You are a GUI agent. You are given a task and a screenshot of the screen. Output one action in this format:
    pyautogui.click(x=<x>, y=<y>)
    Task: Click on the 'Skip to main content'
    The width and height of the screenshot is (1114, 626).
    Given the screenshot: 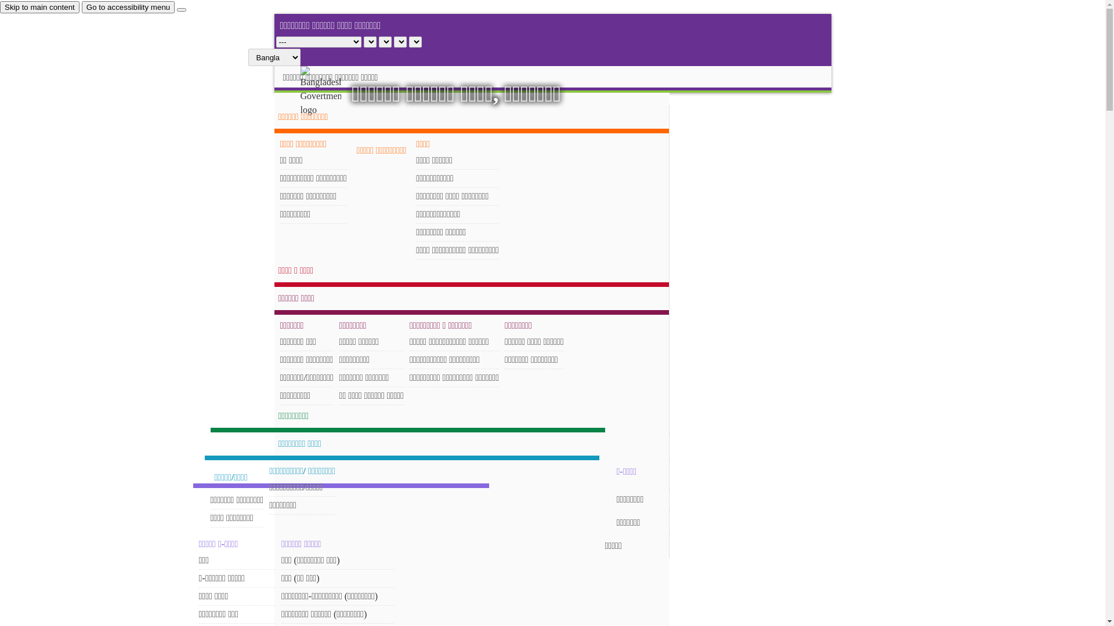 What is the action you would take?
    pyautogui.click(x=39, y=7)
    